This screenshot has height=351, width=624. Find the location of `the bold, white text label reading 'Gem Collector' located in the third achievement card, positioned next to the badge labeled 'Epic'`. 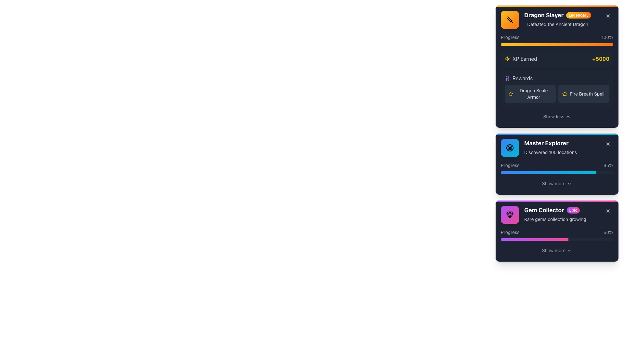

the bold, white text label reading 'Gem Collector' located in the third achievement card, positioned next to the badge labeled 'Epic' is located at coordinates (544, 210).